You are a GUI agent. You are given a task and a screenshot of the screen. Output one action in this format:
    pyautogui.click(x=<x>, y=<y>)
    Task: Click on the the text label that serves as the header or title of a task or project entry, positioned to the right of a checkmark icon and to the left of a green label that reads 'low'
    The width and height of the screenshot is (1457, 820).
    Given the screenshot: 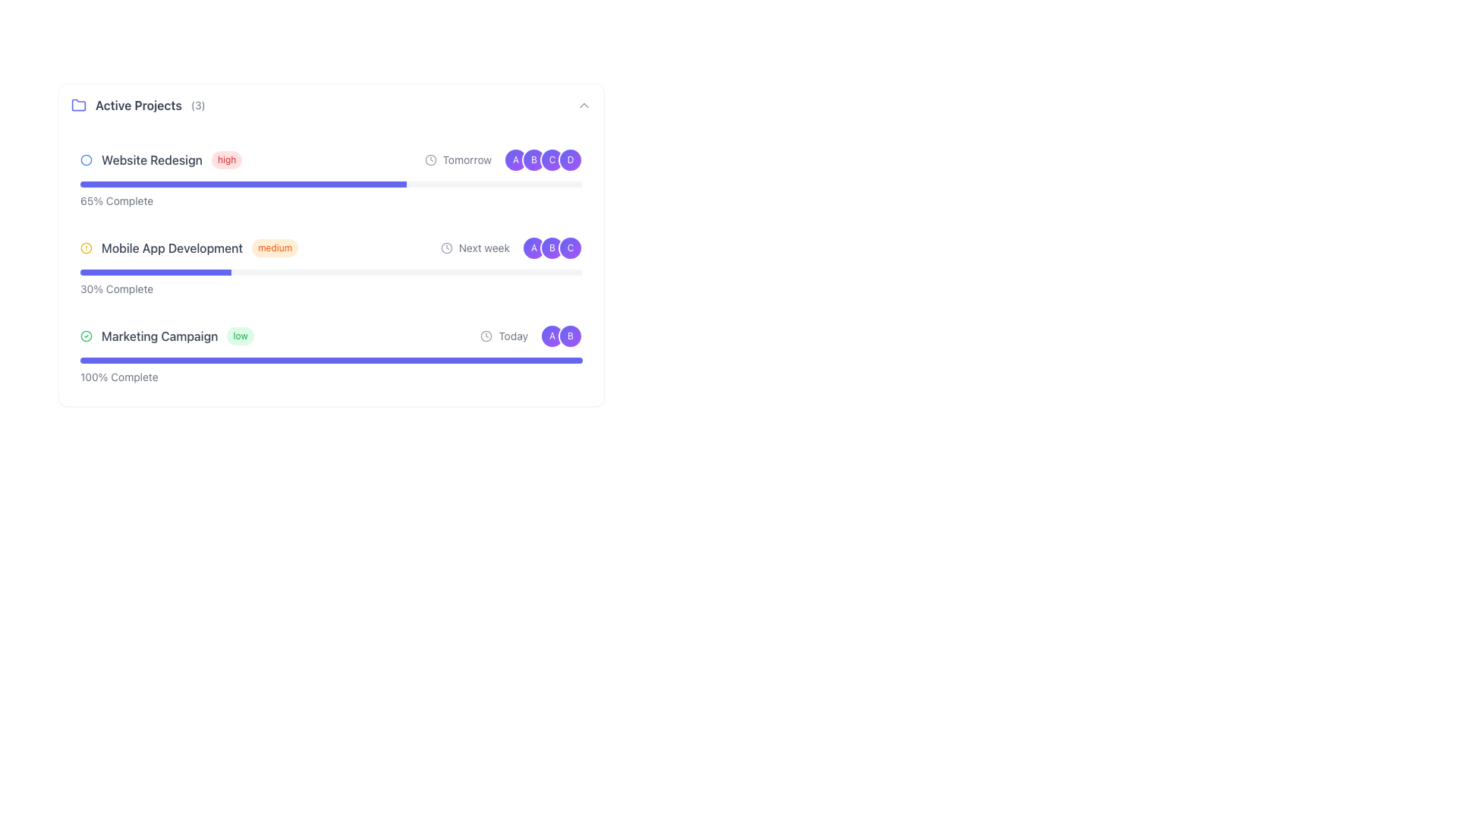 What is the action you would take?
    pyautogui.click(x=159, y=336)
    